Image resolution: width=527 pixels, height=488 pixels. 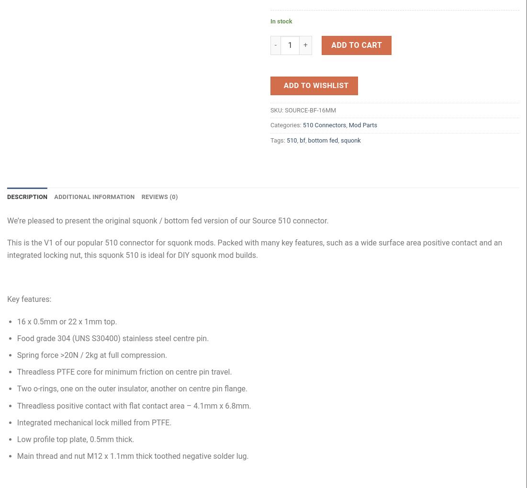 I want to click on 'Two o-rings, one on the outer insulator, another on centre pin flange.', so click(x=16, y=388).